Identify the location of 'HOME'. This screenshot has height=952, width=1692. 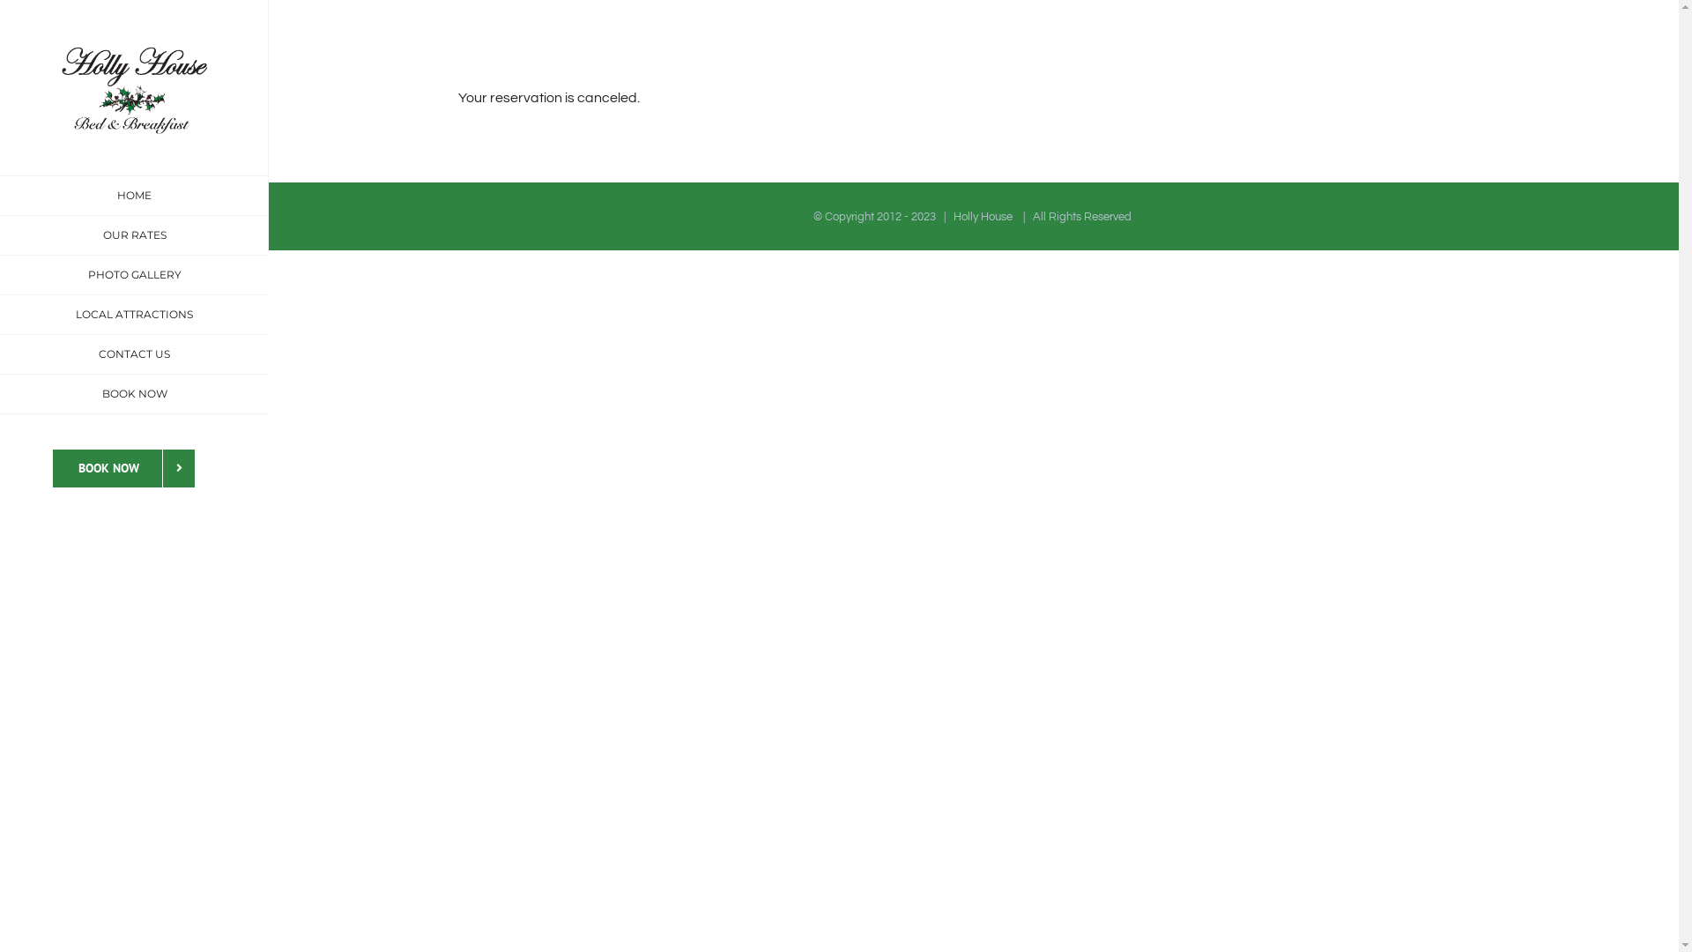
(133, 196).